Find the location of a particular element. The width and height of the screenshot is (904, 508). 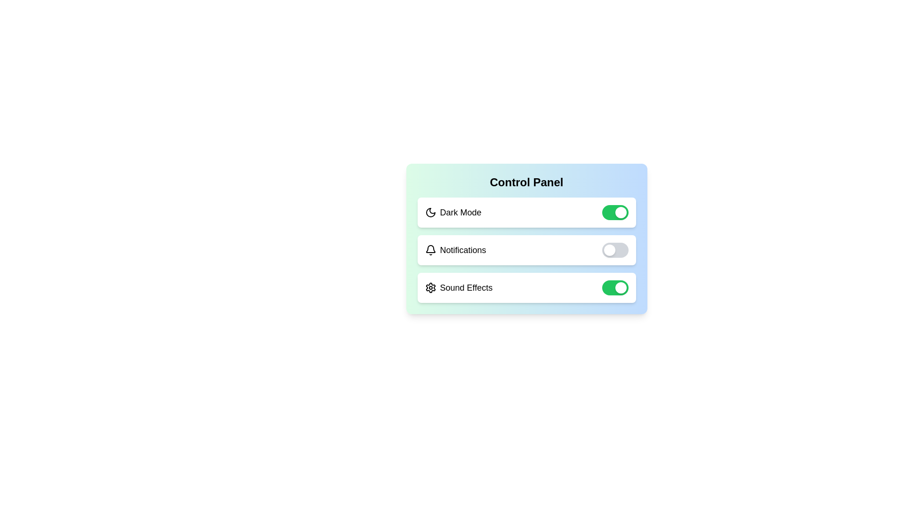

the text label Sound Effects to select it is located at coordinates (466, 287).